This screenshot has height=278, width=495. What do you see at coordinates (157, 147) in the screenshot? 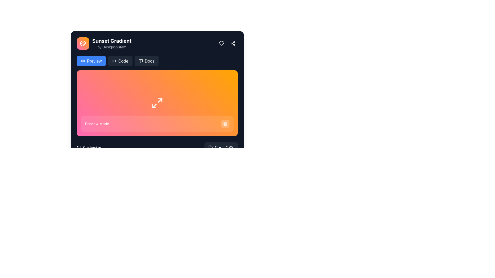
I see `the 'Copy CSS' button located within the bottom section of the main card, adjacent to the 'Customize' text label` at bounding box center [157, 147].